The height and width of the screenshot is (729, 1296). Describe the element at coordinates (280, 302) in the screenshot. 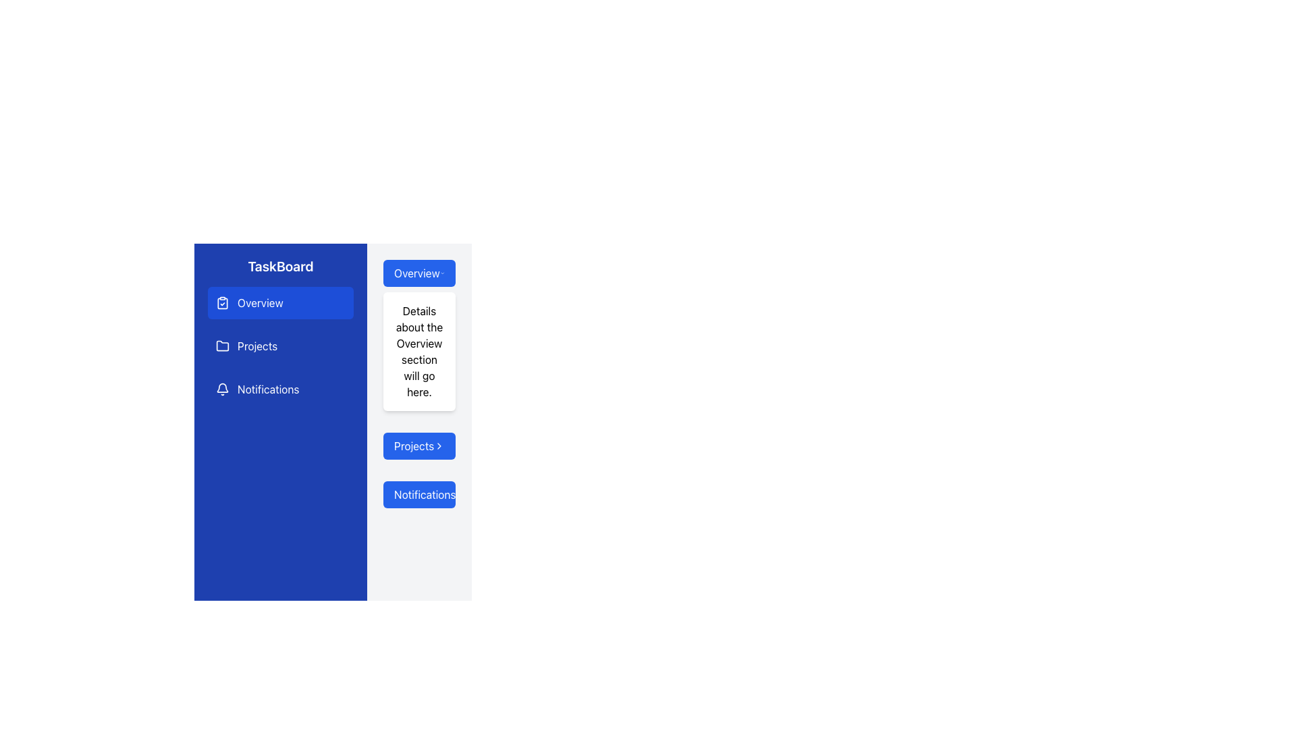

I see `the 'Overview' button in the side menu, which is a rectangular button with a white clipboard icon and a checkmark, styled with a dark blue background` at that location.